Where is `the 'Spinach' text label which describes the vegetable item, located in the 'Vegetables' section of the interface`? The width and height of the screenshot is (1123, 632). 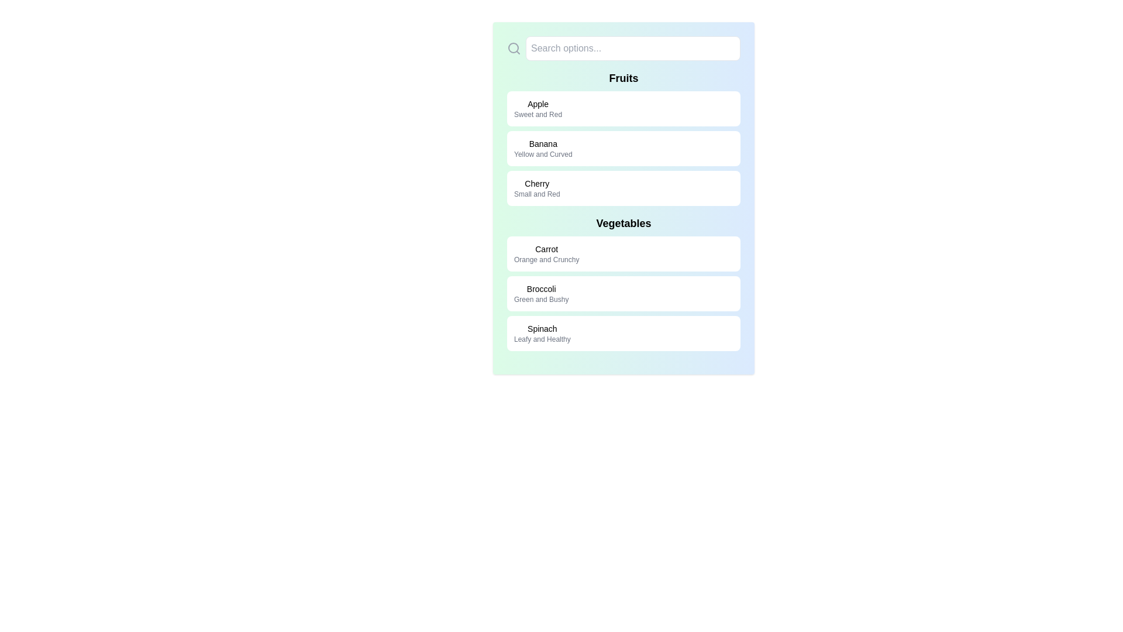 the 'Spinach' text label which describes the vegetable item, located in the 'Vegetables' section of the interface is located at coordinates (542, 334).